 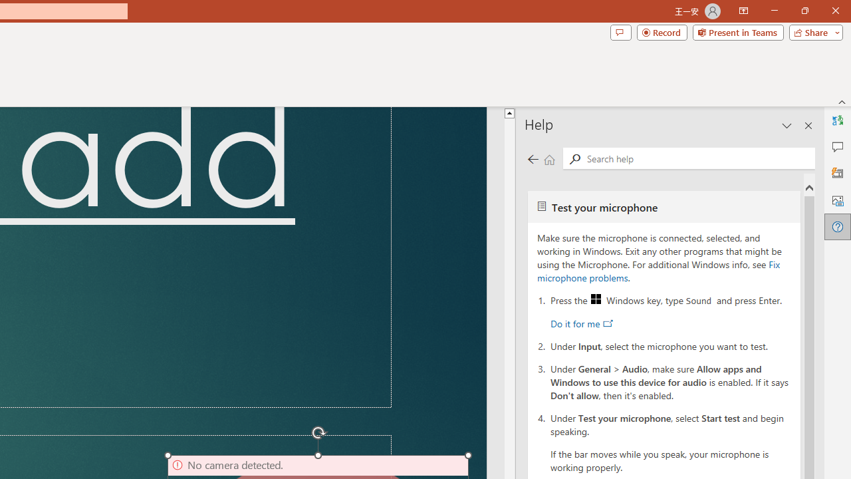 I want to click on 'Previous page', so click(x=533, y=158).